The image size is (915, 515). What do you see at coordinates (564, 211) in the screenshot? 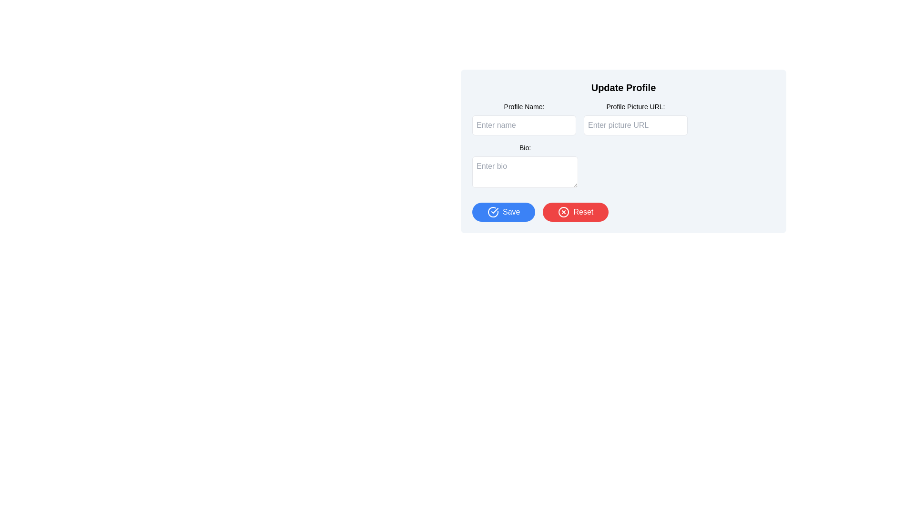
I see `the circular close icon with a red background and white 'X', located near the top-right corner of the 'Reset' button` at bounding box center [564, 211].